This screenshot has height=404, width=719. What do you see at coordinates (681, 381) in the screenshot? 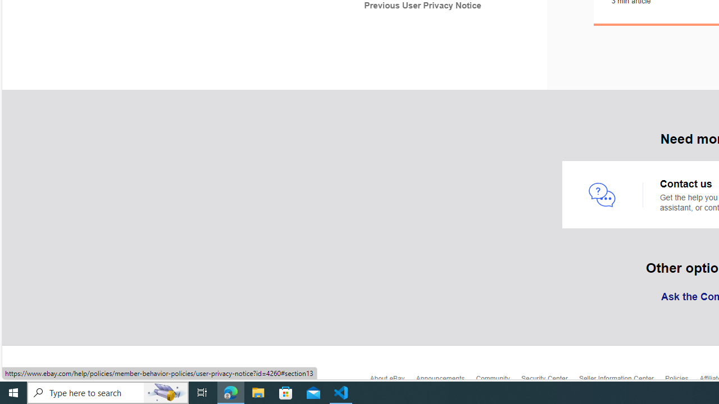
I see `'Policies'` at bounding box center [681, 381].